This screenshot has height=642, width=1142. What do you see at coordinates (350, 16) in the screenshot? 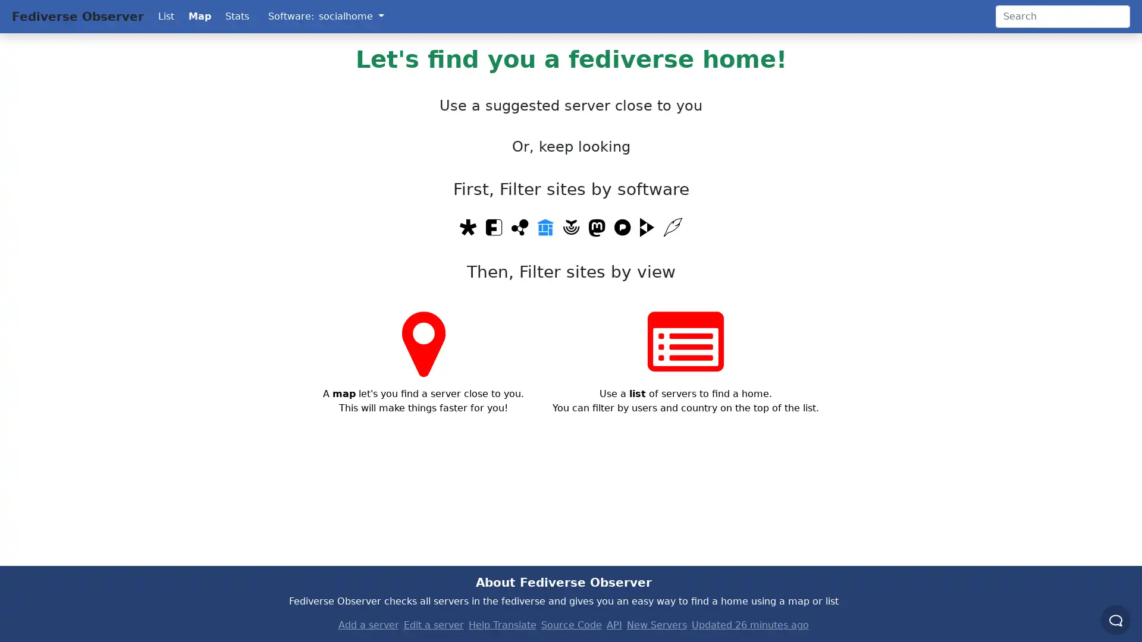
I see `socialhome` at bounding box center [350, 16].